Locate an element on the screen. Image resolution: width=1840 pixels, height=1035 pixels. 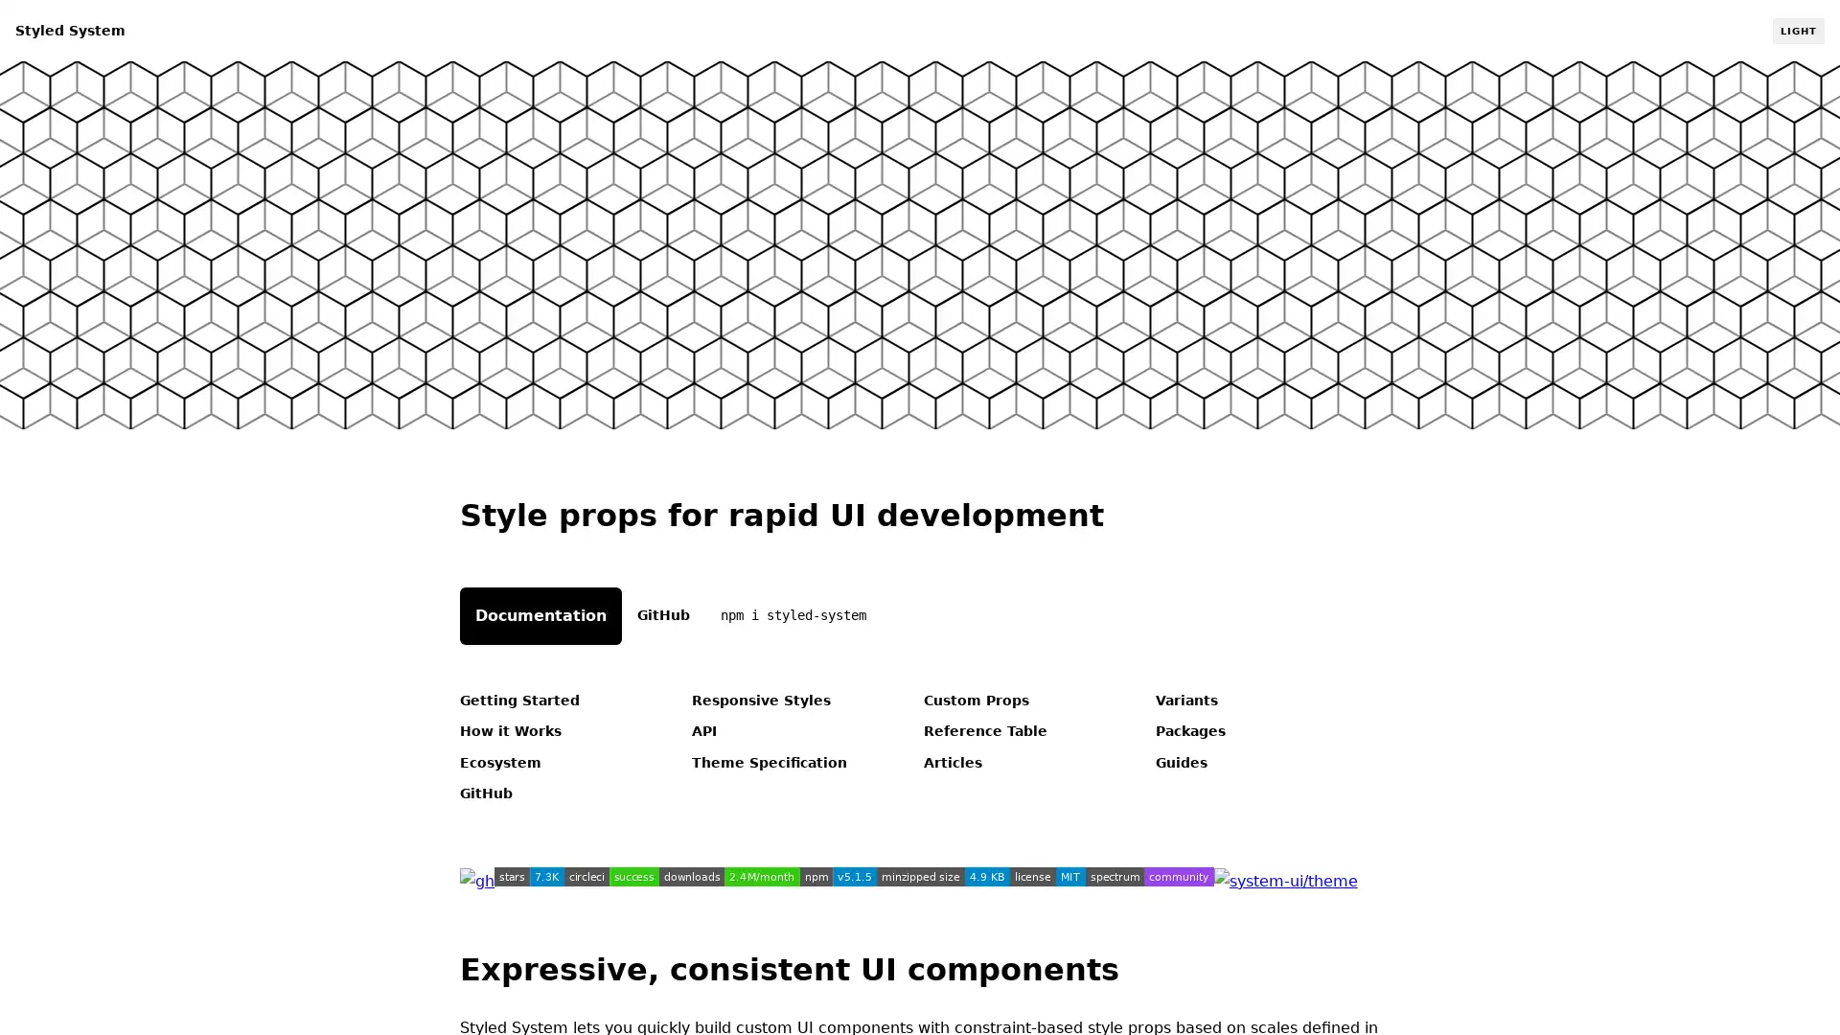
LIGHT is located at coordinates (1797, 30).